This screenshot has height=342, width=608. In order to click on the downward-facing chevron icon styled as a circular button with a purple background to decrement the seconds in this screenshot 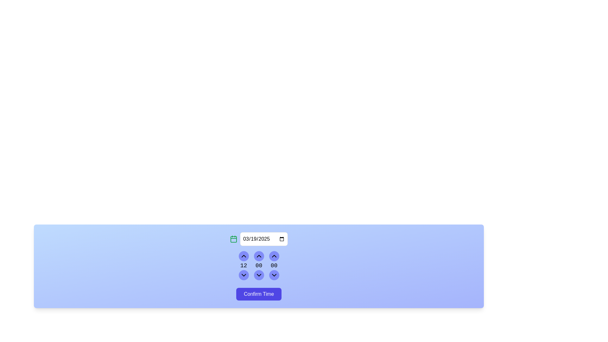, I will do `click(274, 275)`.